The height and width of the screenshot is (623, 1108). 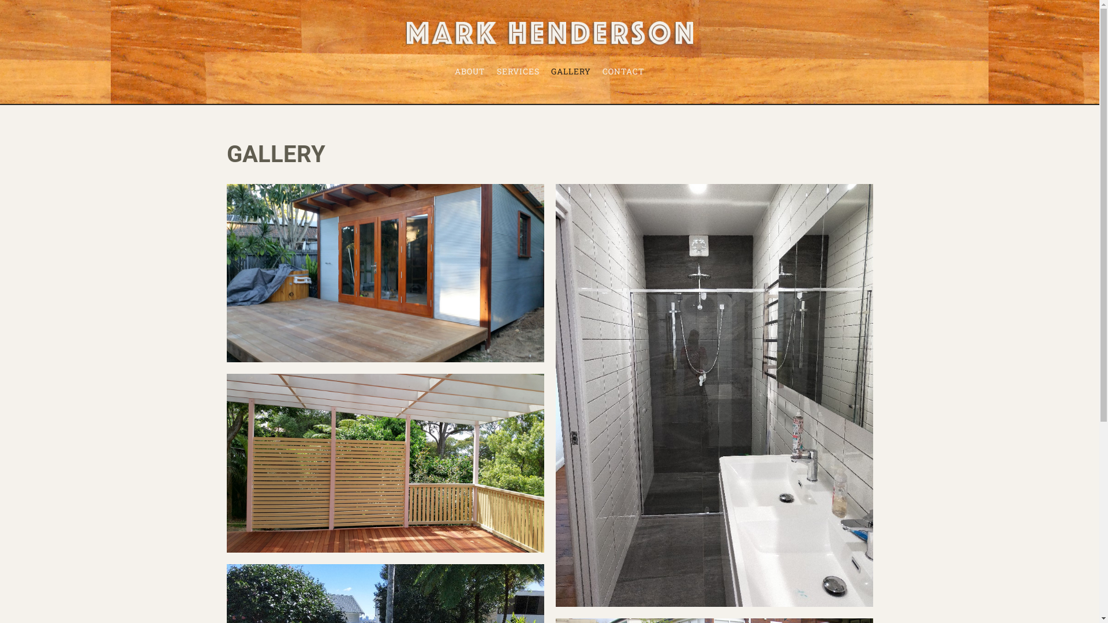 I want to click on 'SERVICES', so click(x=517, y=71).